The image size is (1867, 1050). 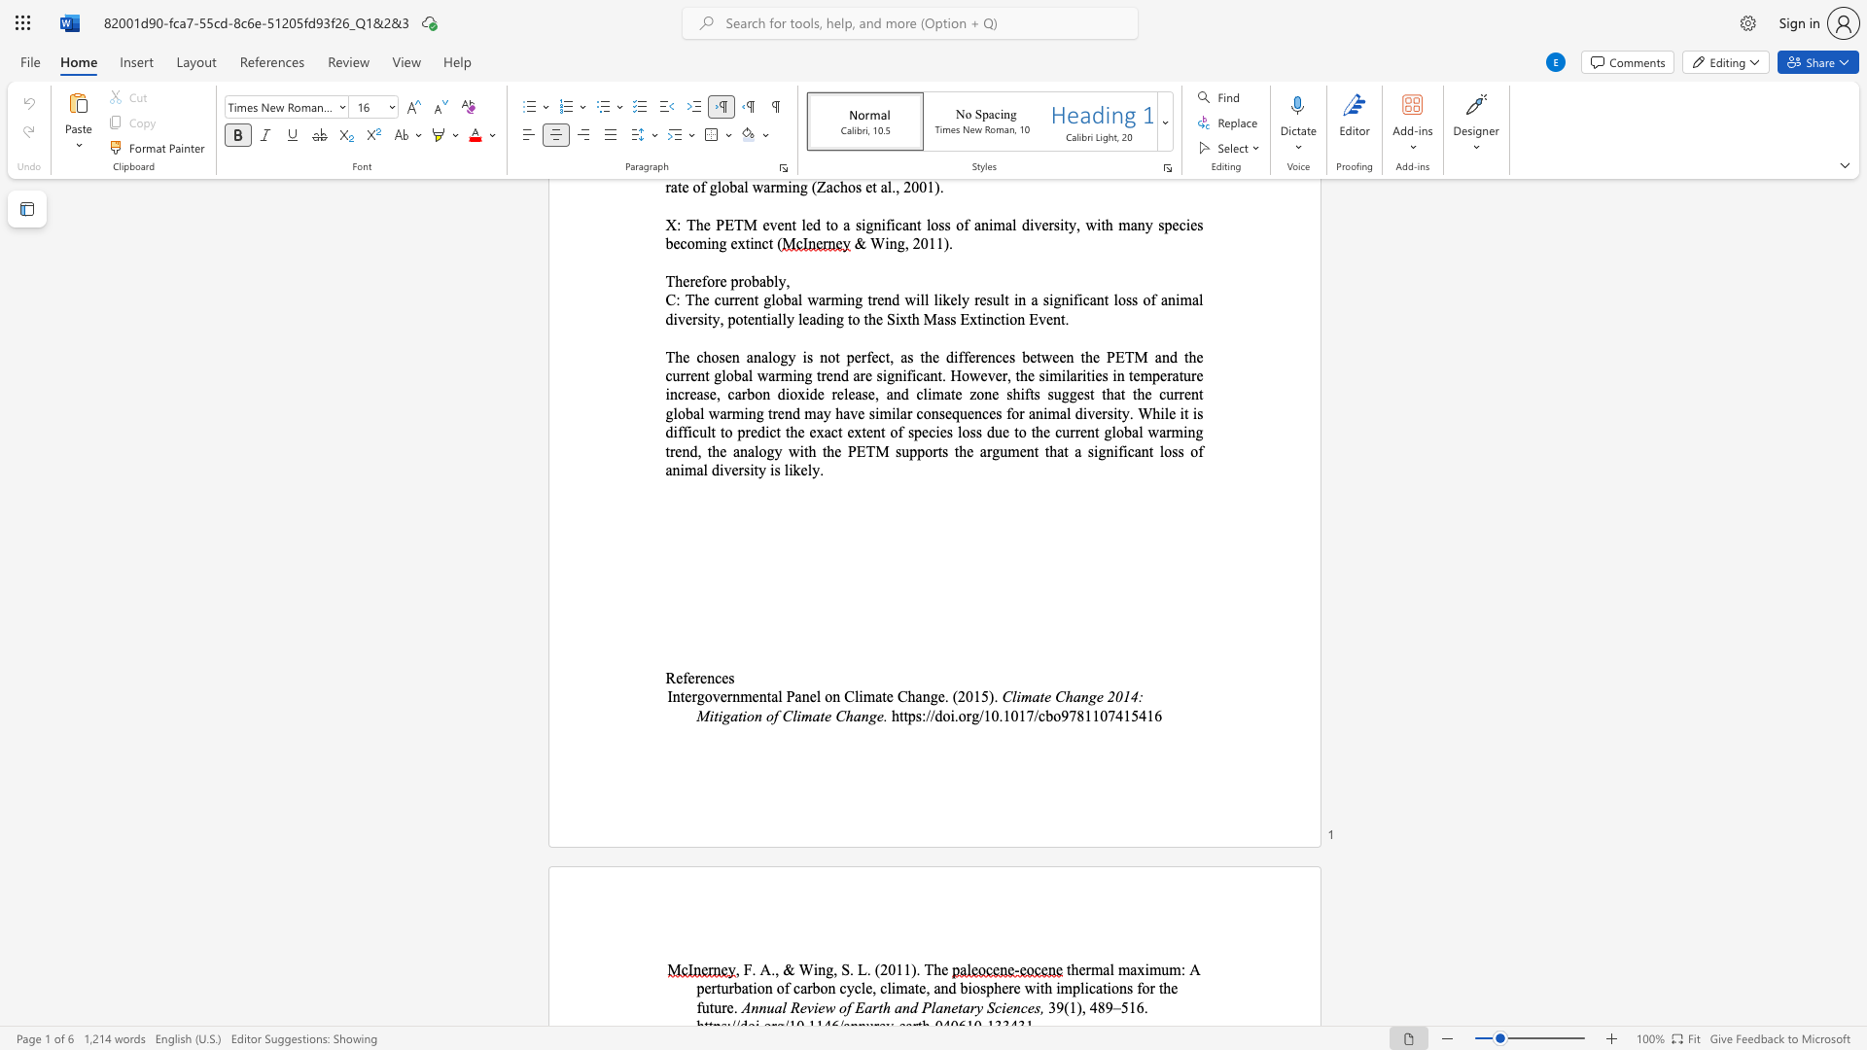 I want to click on the subset text "5416" within the text "https://doi.org/10.1017/cbo9781107415416", so click(x=1131, y=716).